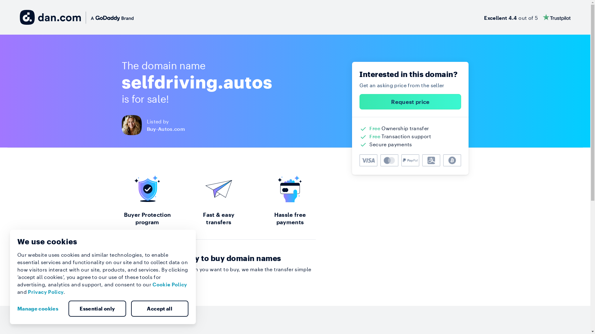 The width and height of the screenshot is (595, 334). Describe the element at coordinates (527, 17) in the screenshot. I see `'Excellent 4.4 out of 5'` at that location.